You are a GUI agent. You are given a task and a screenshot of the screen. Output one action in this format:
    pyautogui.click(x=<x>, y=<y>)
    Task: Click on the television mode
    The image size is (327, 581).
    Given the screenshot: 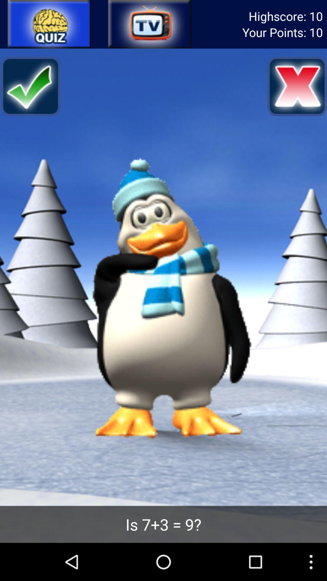 What is the action you would take?
    pyautogui.click(x=149, y=24)
    